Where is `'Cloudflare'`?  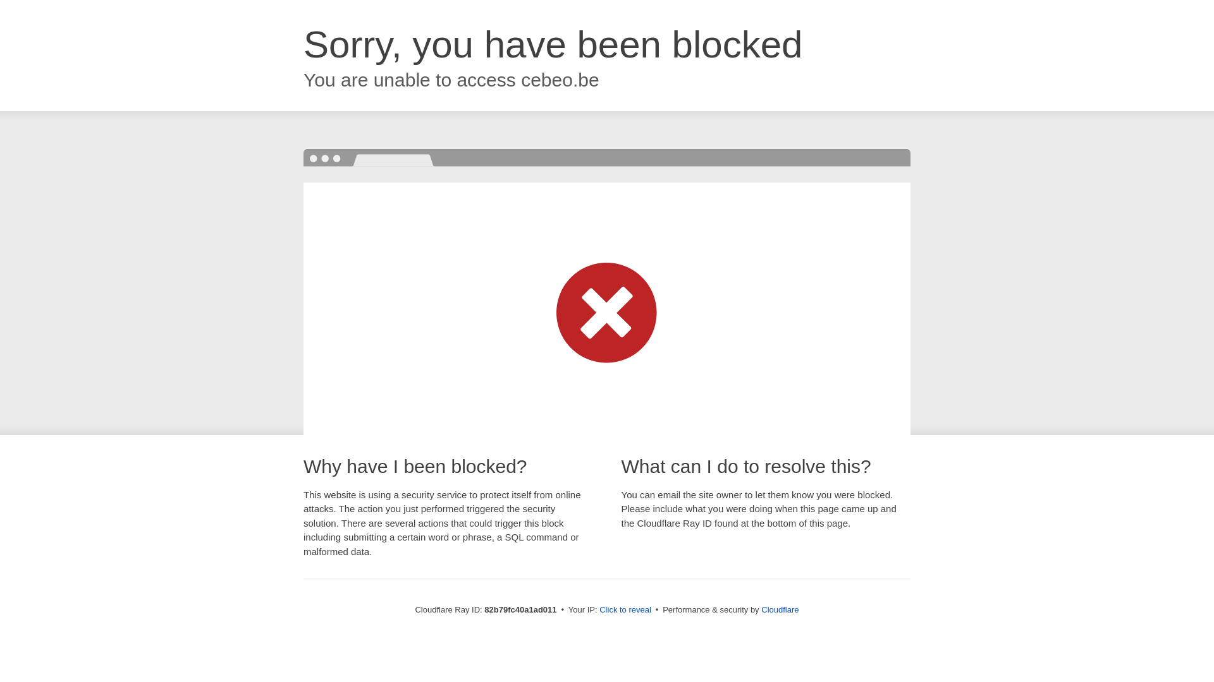 'Cloudflare' is located at coordinates (779, 609).